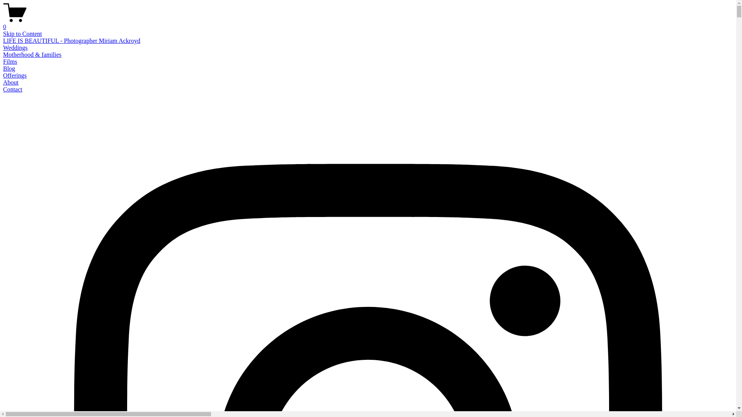 The width and height of the screenshot is (742, 417). What do you see at coordinates (13, 89) in the screenshot?
I see `'Contact'` at bounding box center [13, 89].